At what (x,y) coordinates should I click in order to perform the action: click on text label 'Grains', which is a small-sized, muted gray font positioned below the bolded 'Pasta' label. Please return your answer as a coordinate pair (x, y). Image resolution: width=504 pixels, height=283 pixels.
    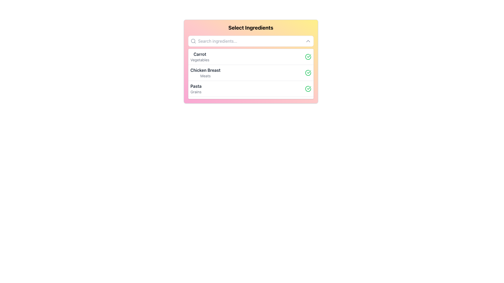
    Looking at the image, I should click on (196, 92).